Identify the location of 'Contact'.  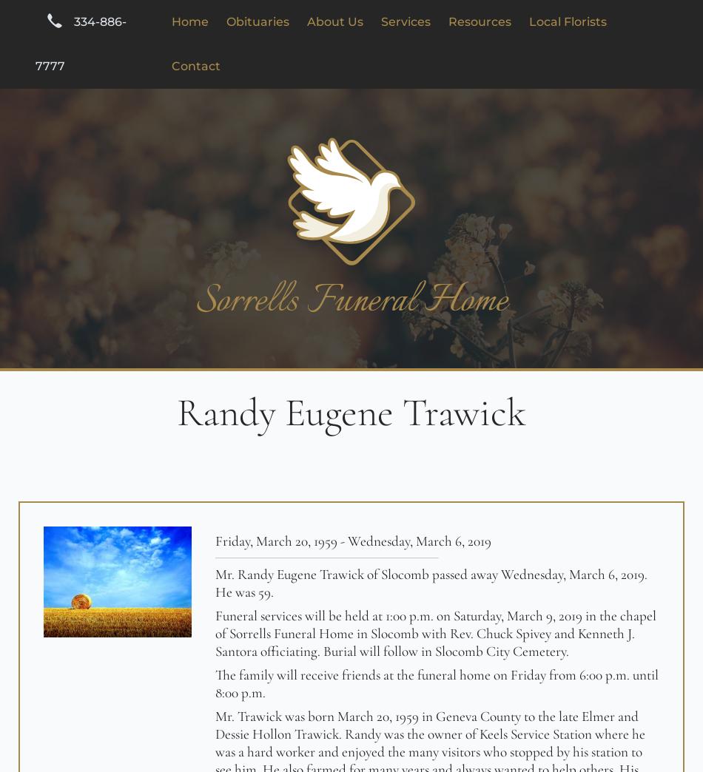
(195, 66).